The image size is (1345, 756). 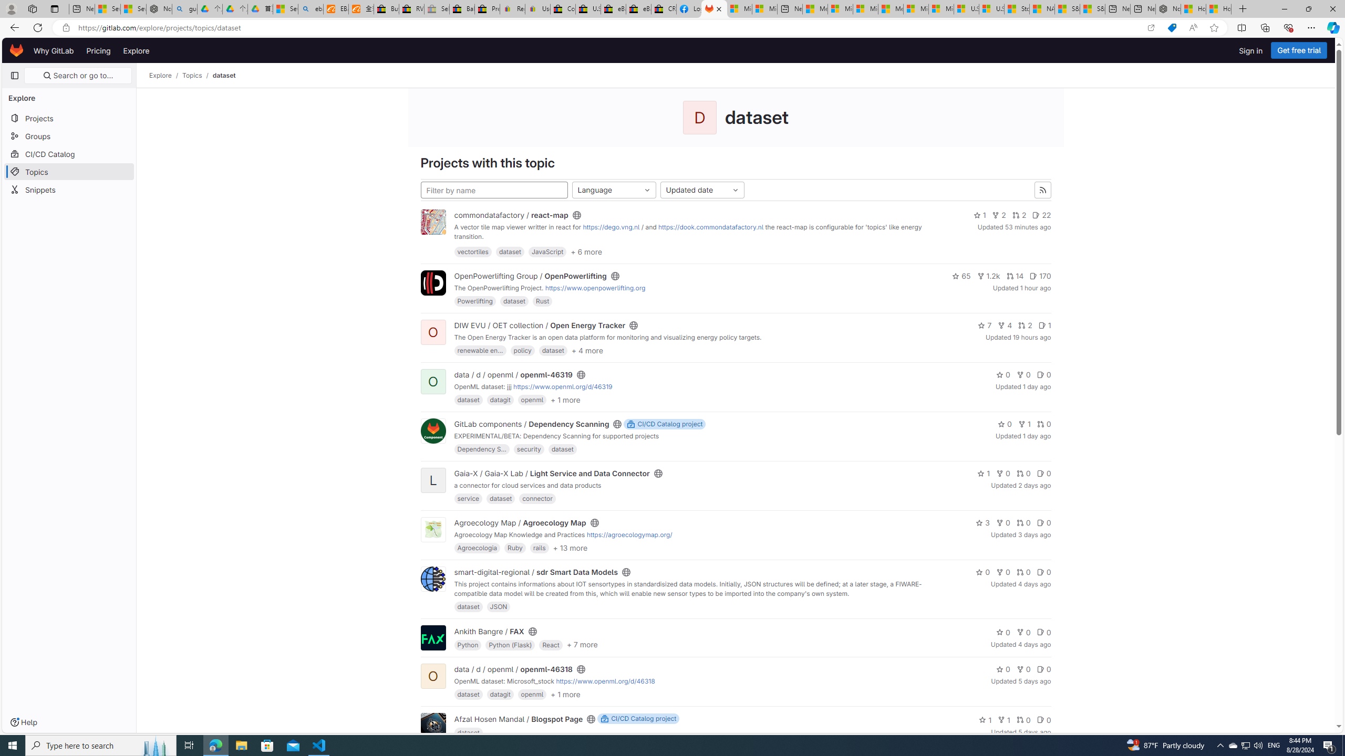 What do you see at coordinates (13, 27) in the screenshot?
I see `'Back'` at bounding box center [13, 27].